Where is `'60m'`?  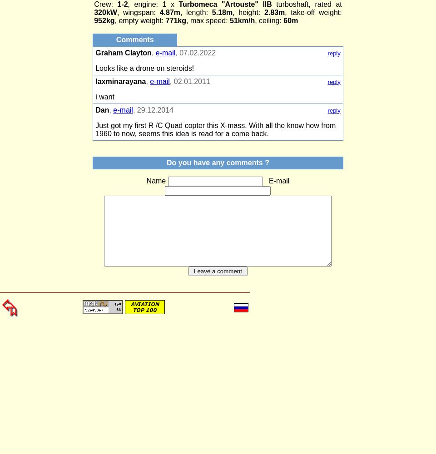
'60m' is located at coordinates (289, 20).